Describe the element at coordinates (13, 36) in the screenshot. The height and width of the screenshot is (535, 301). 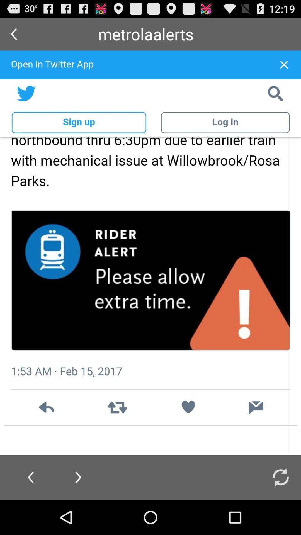
I see `the arrow_backward icon` at that location.